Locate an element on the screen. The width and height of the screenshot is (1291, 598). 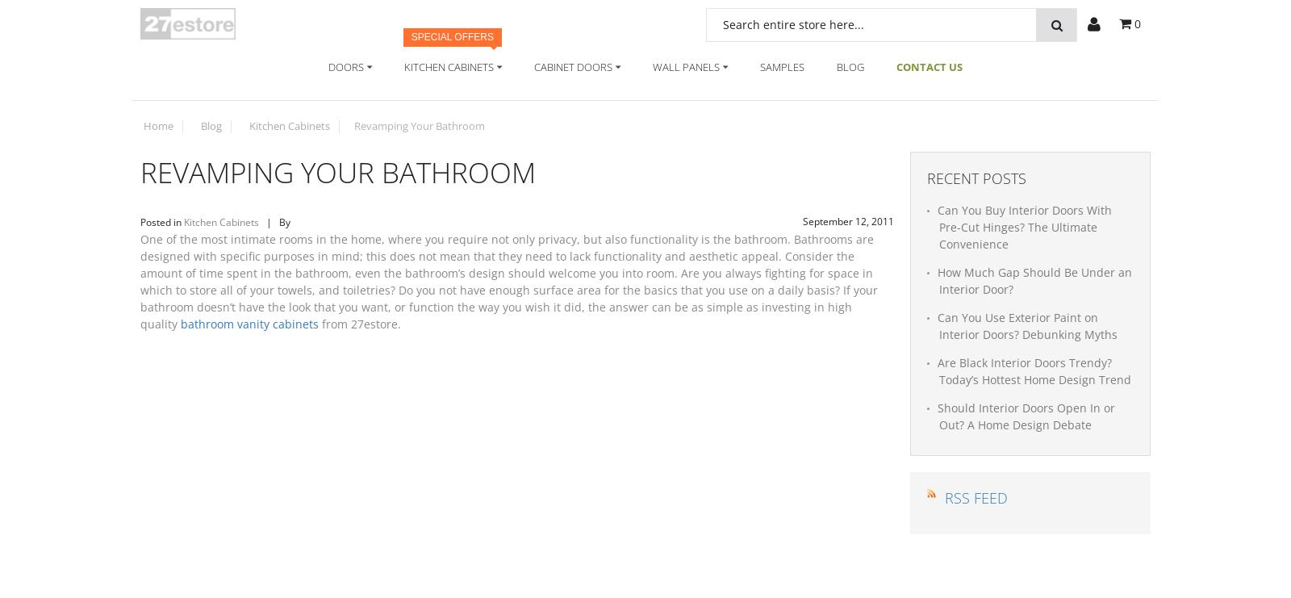
'Can You Buy Interior Doors With Pre-Cut Hinges? The Ultimate Convenience' is located at coordinates (1023, 226).